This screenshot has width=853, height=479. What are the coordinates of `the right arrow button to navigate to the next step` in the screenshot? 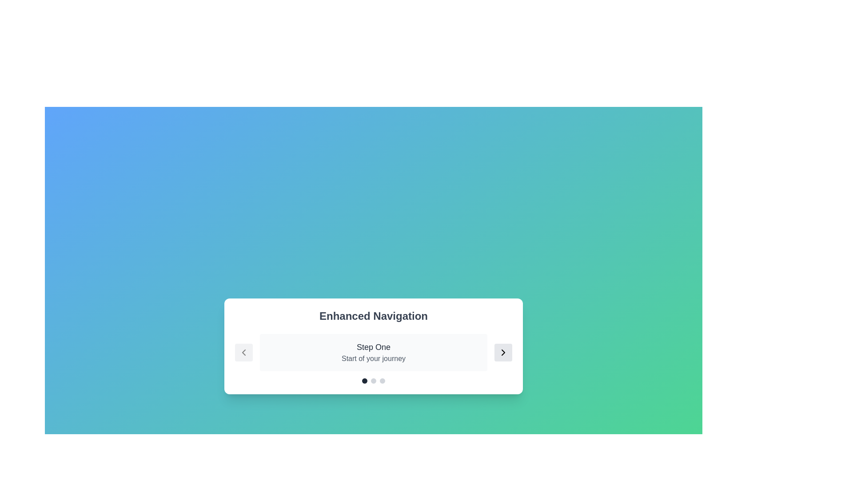 It's located at (503, 352).